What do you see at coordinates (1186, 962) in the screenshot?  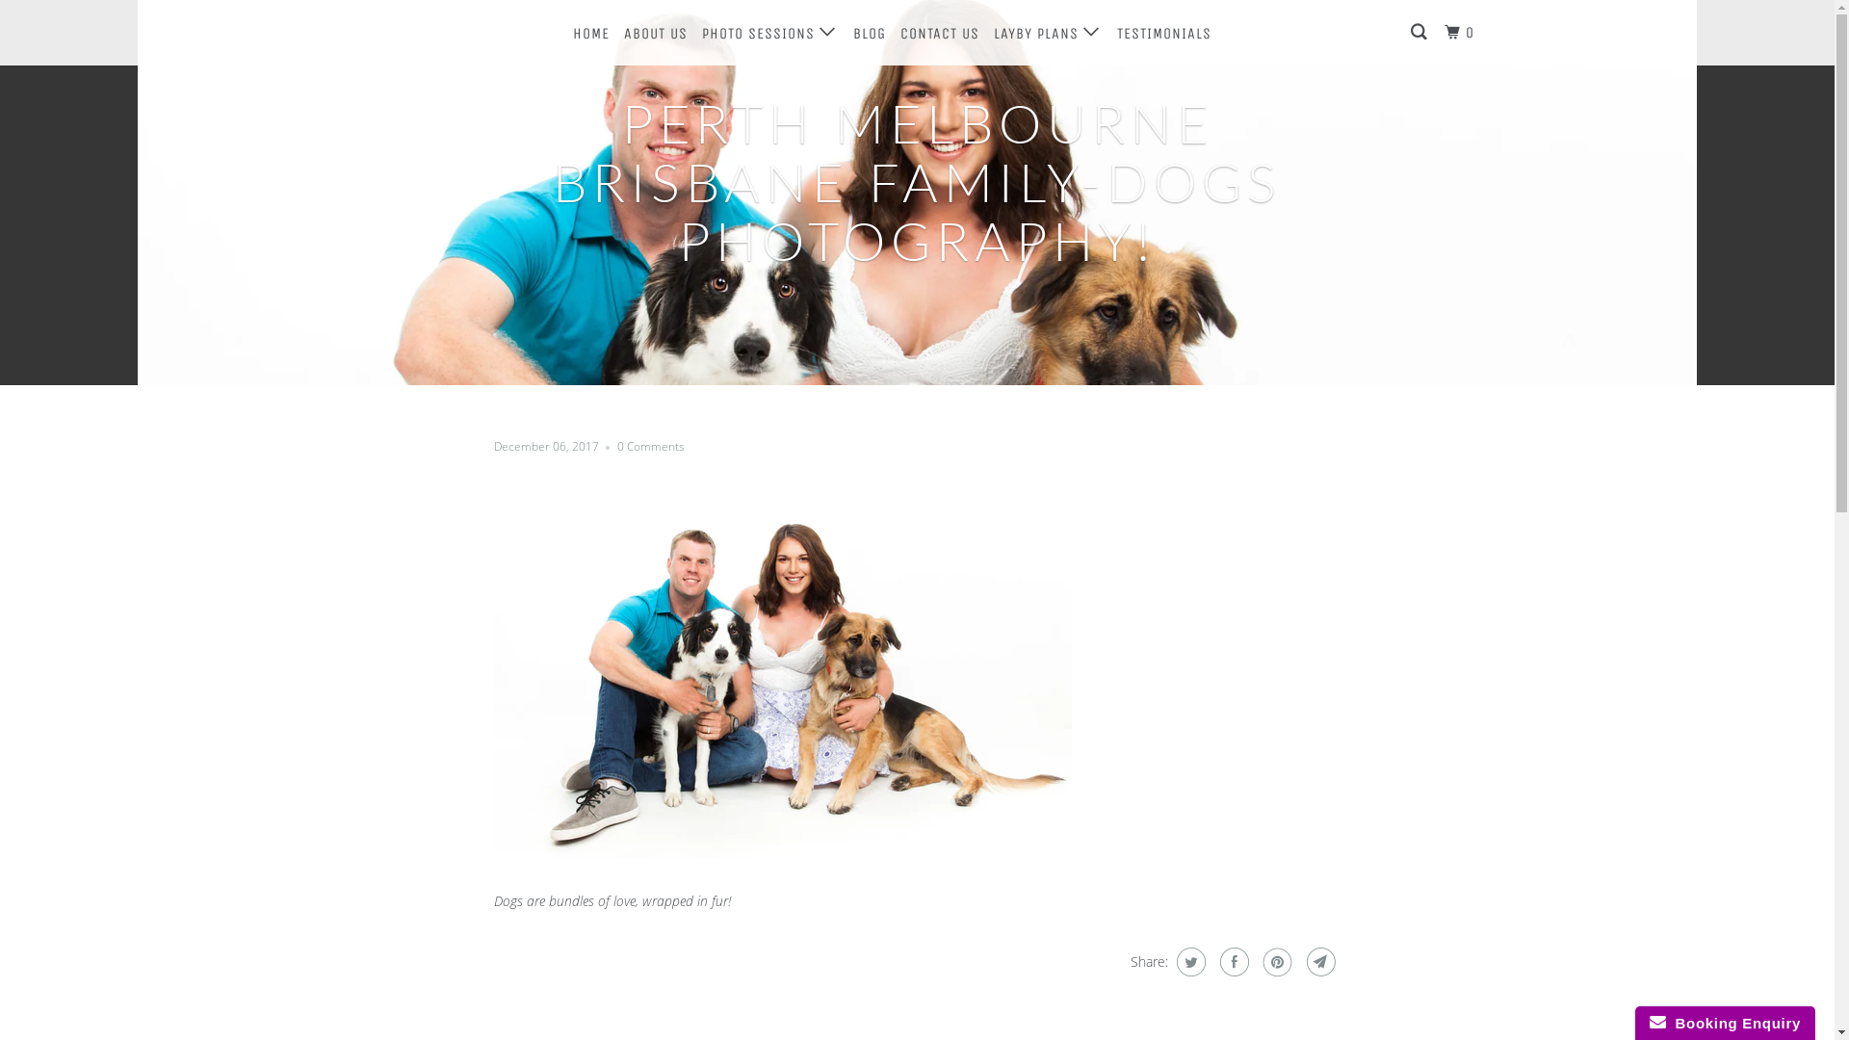 I see `'Share this on Twitter'` at bounding box center [1186, 962].